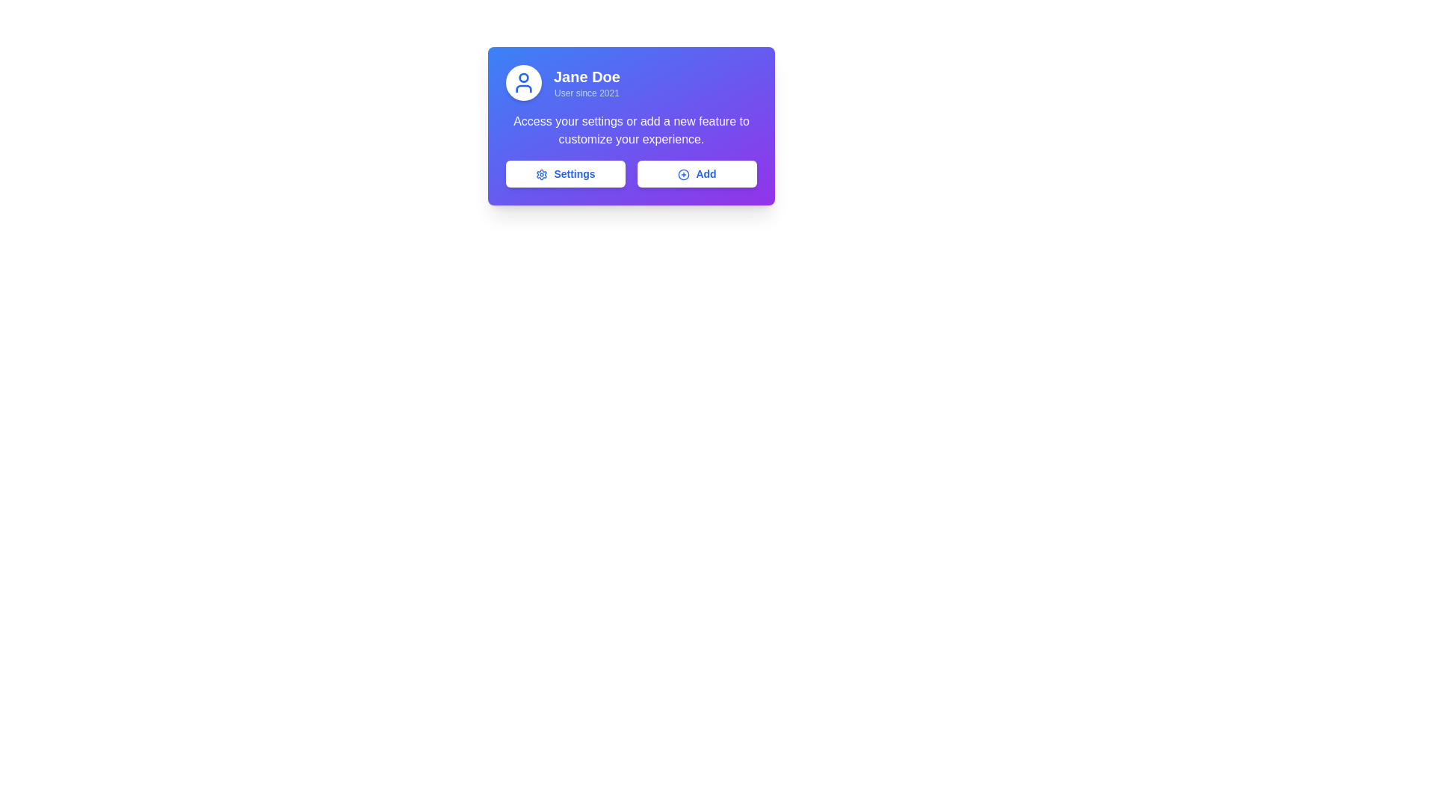 The width and height of the screenshot is (1435, 807). Describe the element at coordinates (565, 173) in the screenshot. I see `the interactive settings button located at the bottom section of the card` at that location.